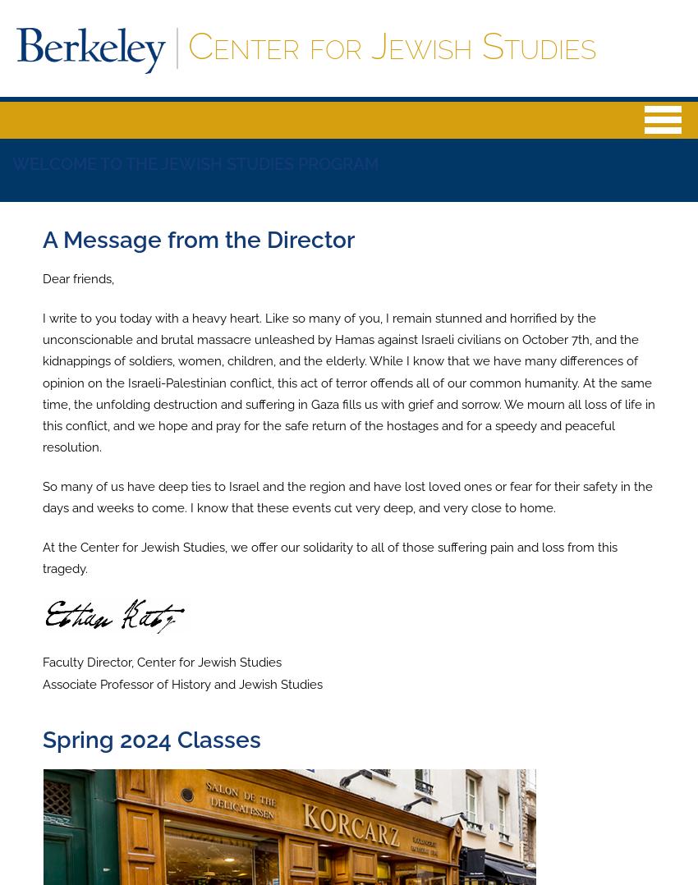 This screenshot has width=698, height=885. What do you see at coordinates (43, 683) in the screenshot?
I see `'Associate Professor of History and Jewish Studies'` at bounding box center [43, 683].